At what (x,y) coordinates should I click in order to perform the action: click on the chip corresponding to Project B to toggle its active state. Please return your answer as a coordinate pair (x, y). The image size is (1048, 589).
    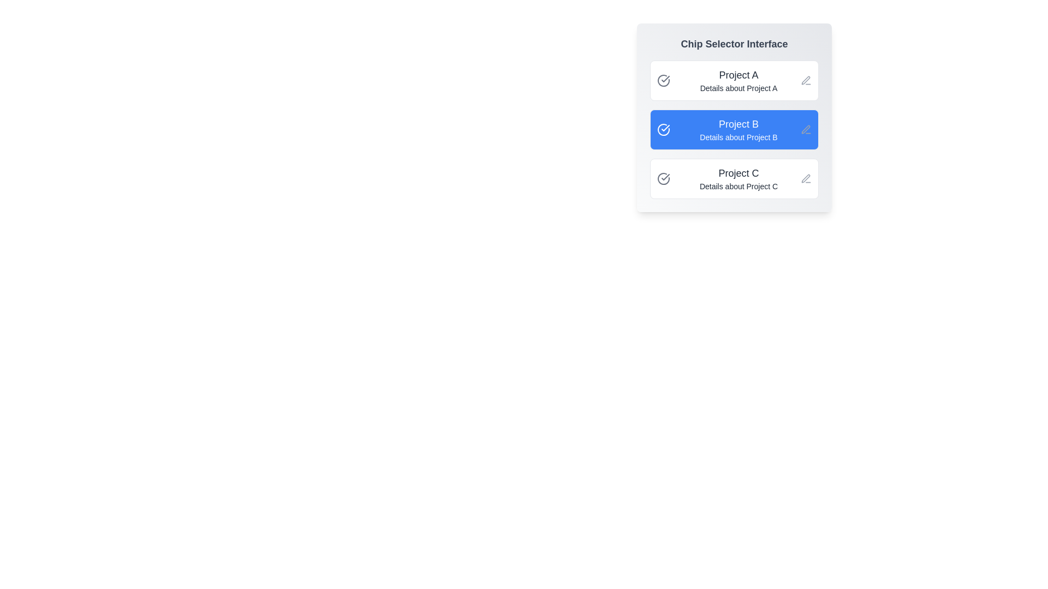
    Looking at the image, I should click on (734, 129).